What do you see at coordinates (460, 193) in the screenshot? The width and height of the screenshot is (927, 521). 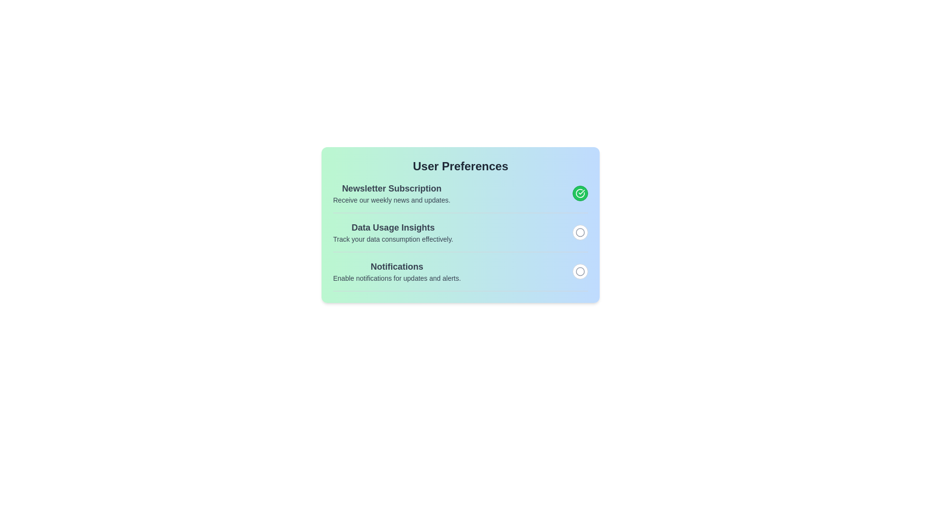 I see `the 'Newsletter Subscription' informational section` at bounding box center [460, 193].